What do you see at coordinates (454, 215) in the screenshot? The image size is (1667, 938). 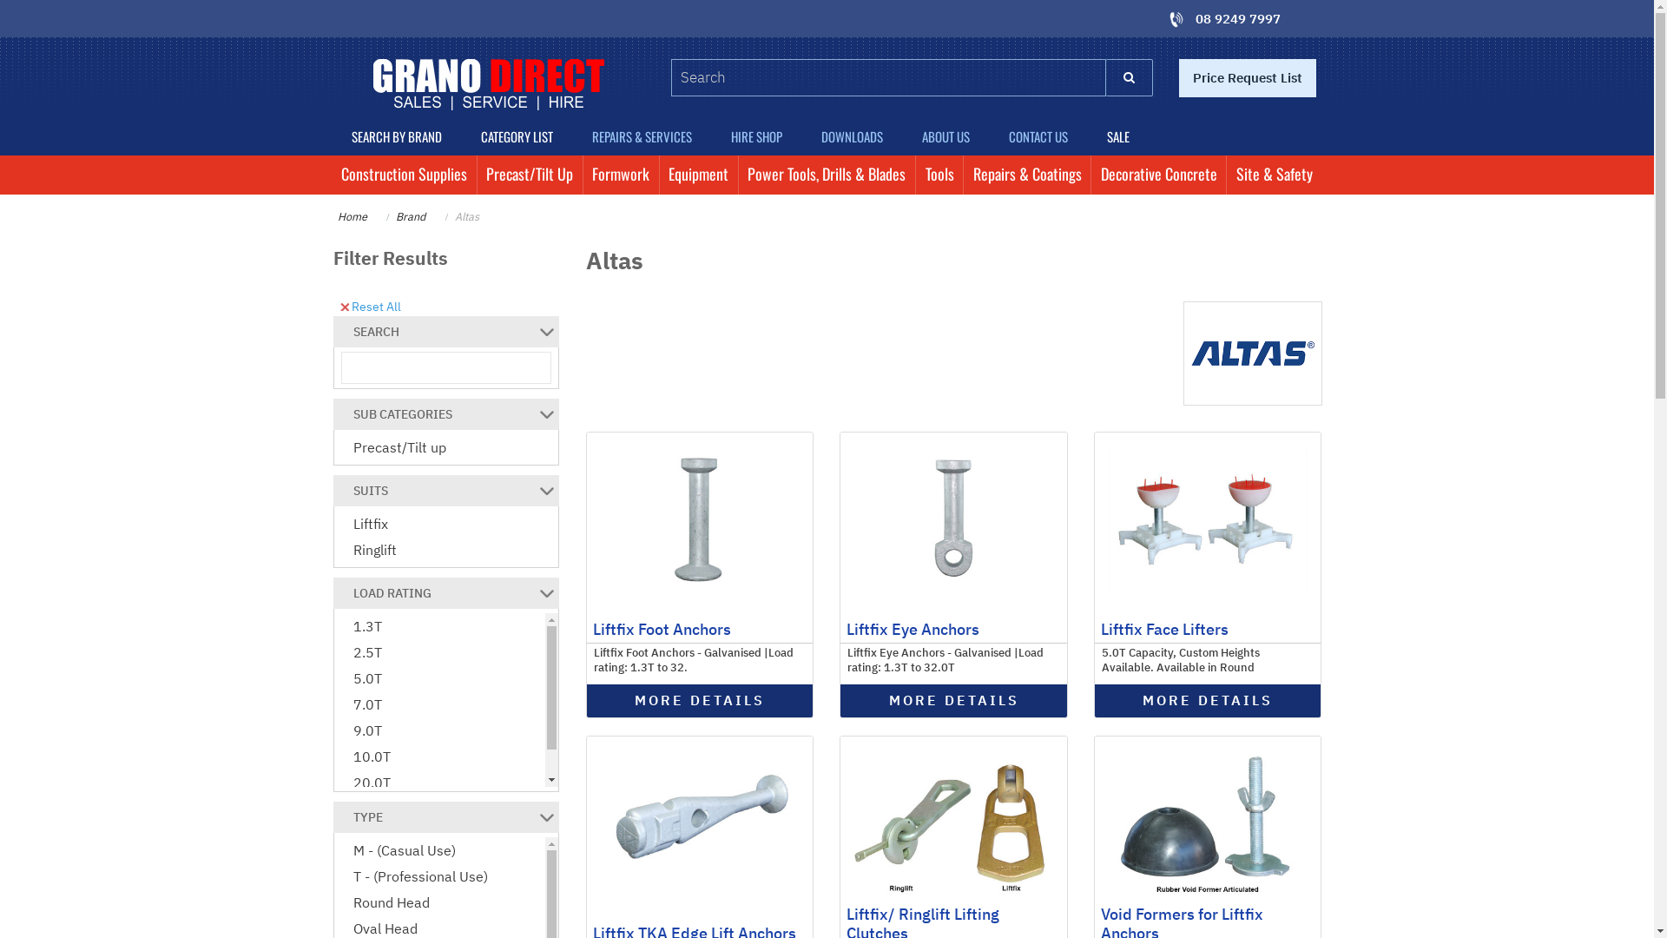 I see `'Altas'` at bounding box center [454, 215].